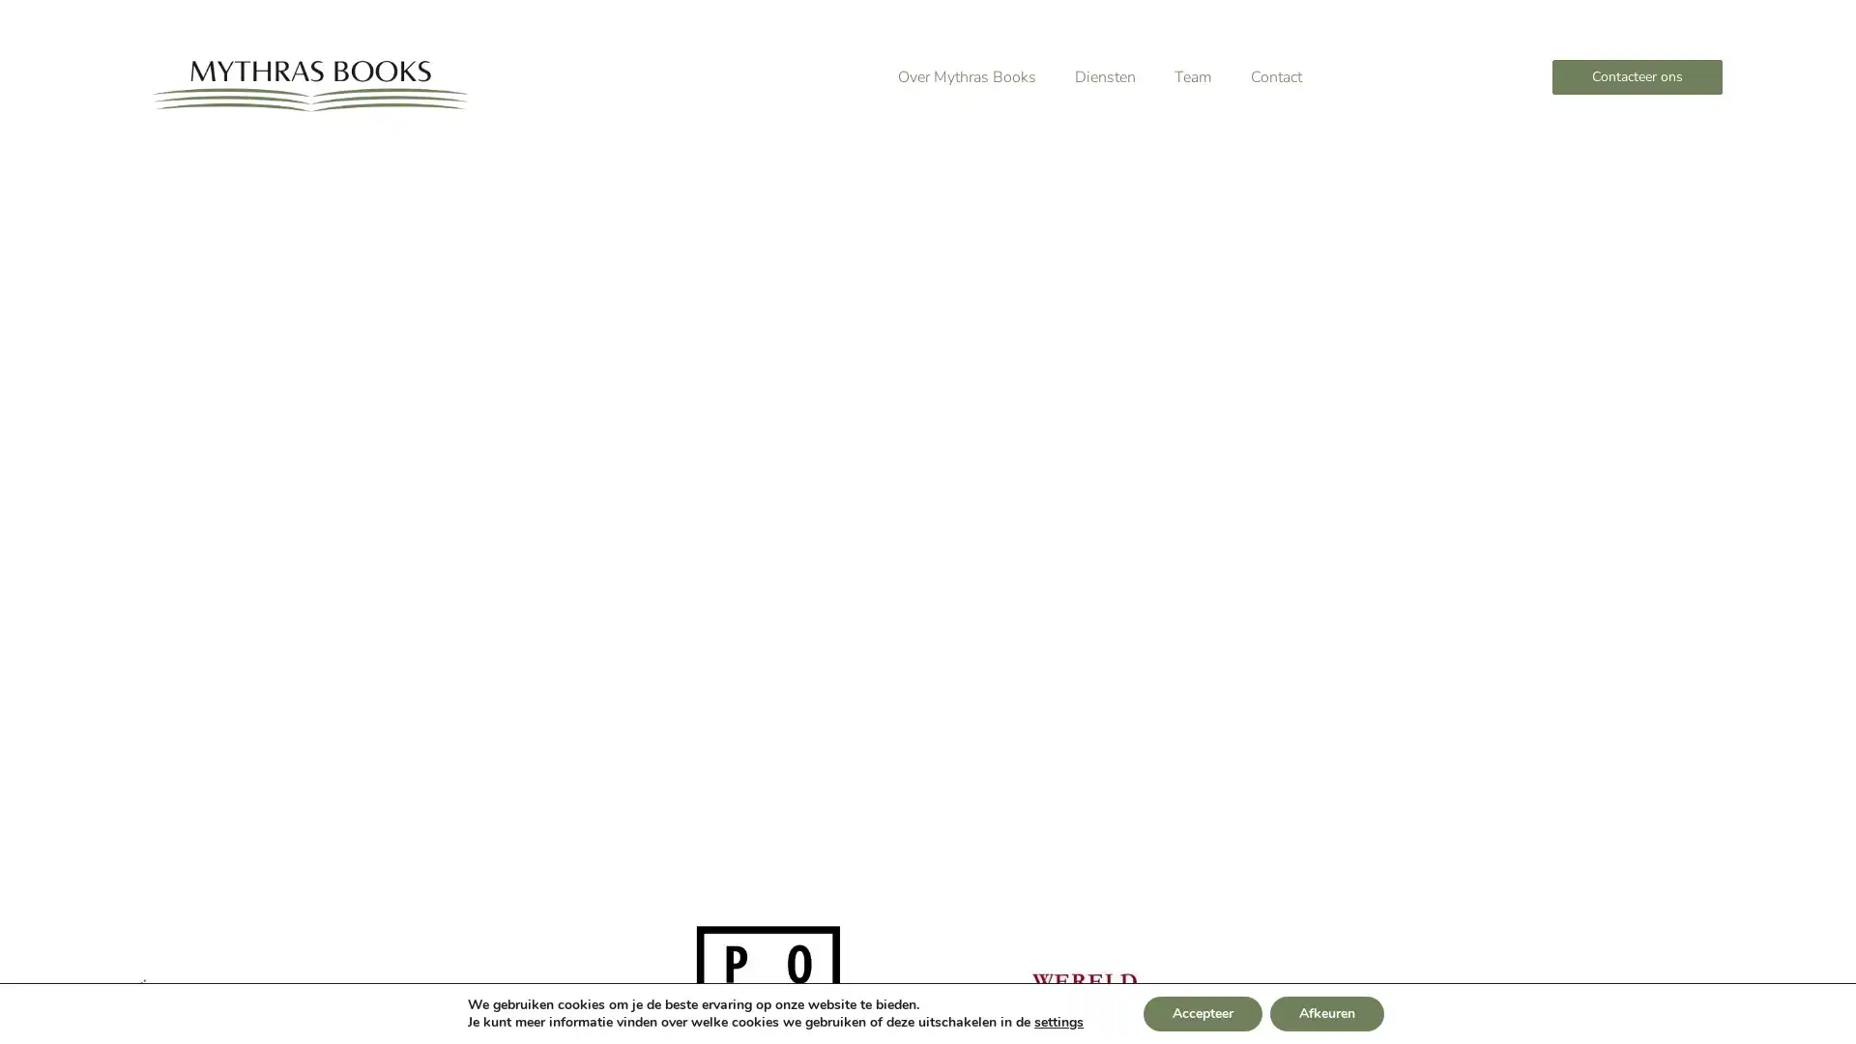 The width and height of the screenshot is (1856, 1044). What do you see at coordinates (1325, 1013) in the screenshot?
I see `Afkeuren` at bounding box center [1325, 1013].